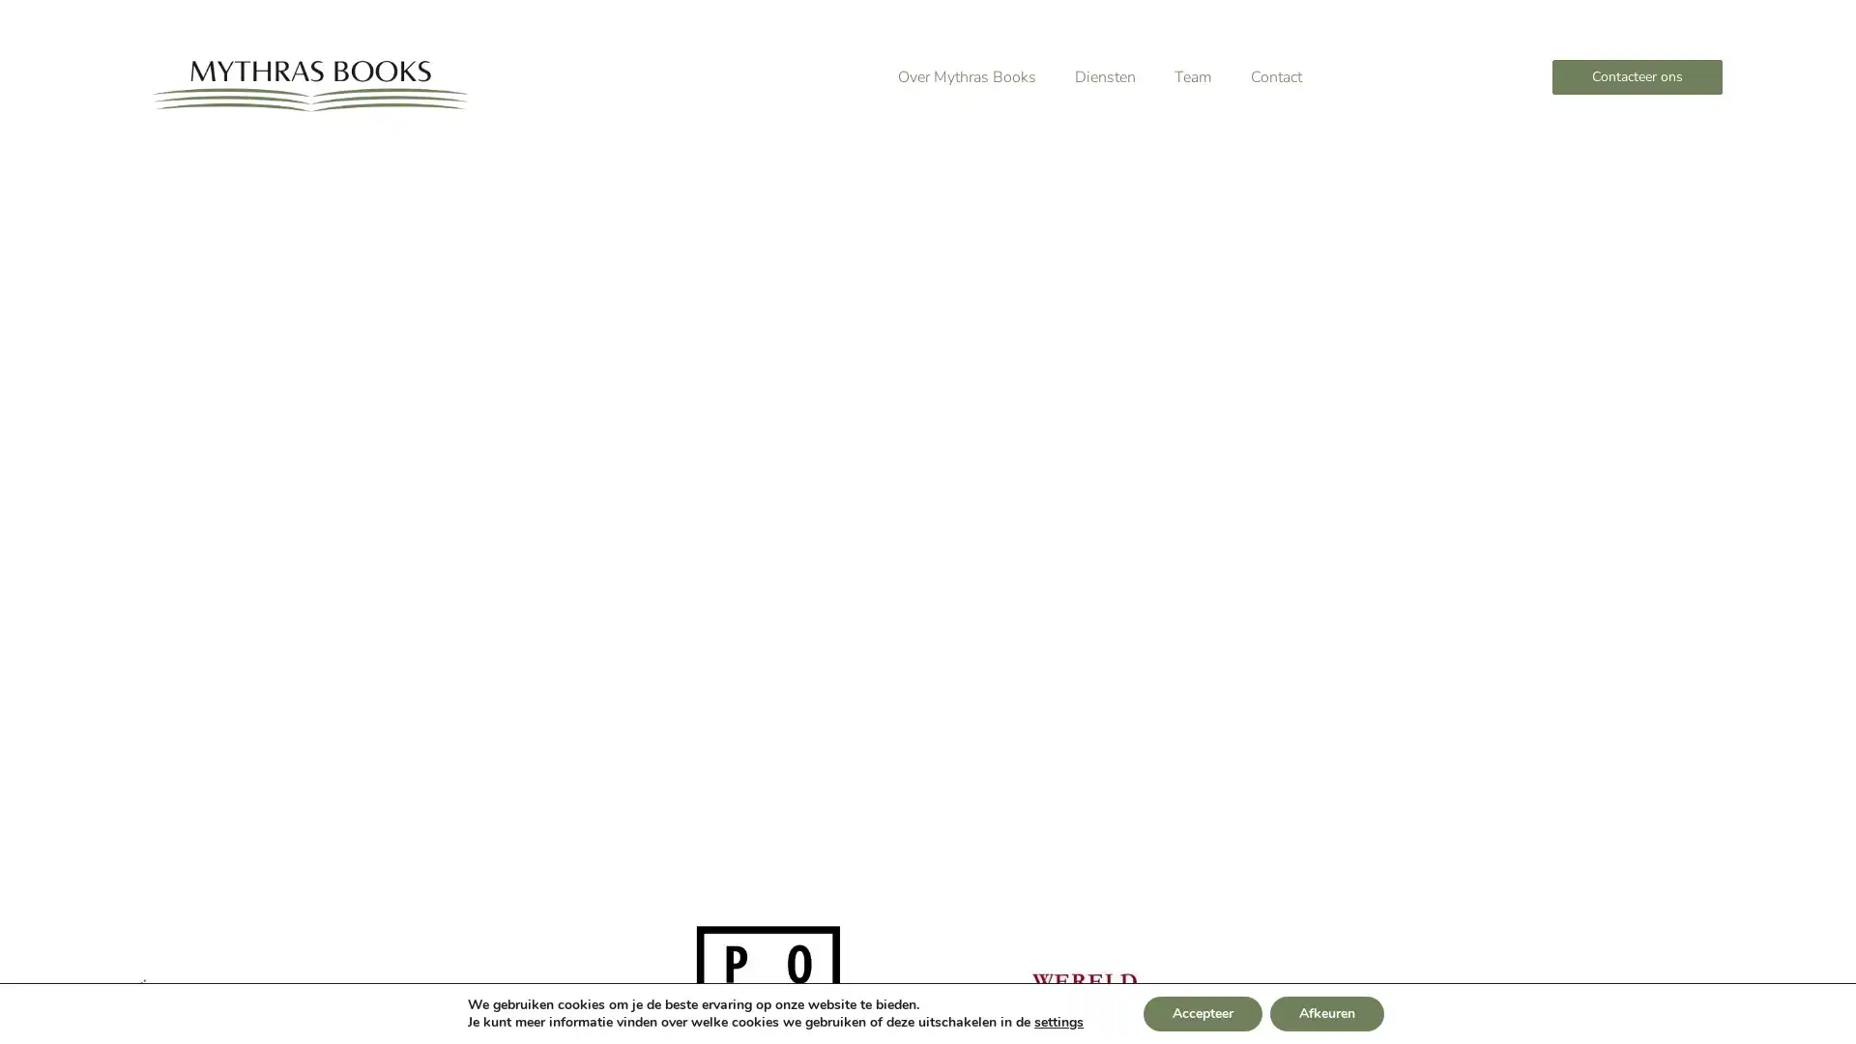 The width and height of the screenshot is (1856, 1044). What do you see at coordinates (1325, 1013) in the screenshot?
I see `Afkeuren` at bounding box center [1325, 1013].